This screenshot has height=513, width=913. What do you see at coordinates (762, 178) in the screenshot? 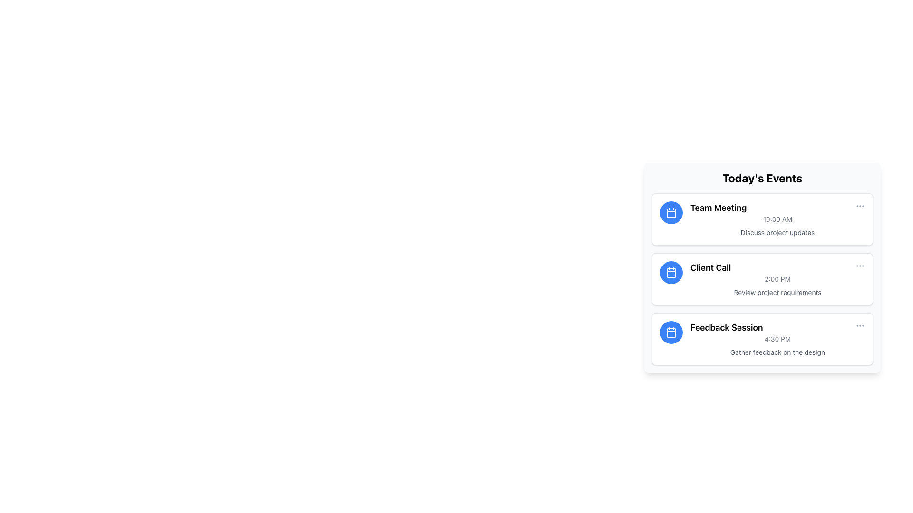
I see `the text header that says 'Today's Events', which is styled in bold and large font, located at the top of the information card` at bounding box center [762, 178].